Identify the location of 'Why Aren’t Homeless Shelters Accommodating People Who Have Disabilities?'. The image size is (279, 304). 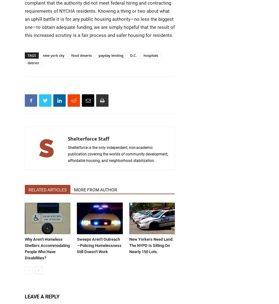
(47, 248).